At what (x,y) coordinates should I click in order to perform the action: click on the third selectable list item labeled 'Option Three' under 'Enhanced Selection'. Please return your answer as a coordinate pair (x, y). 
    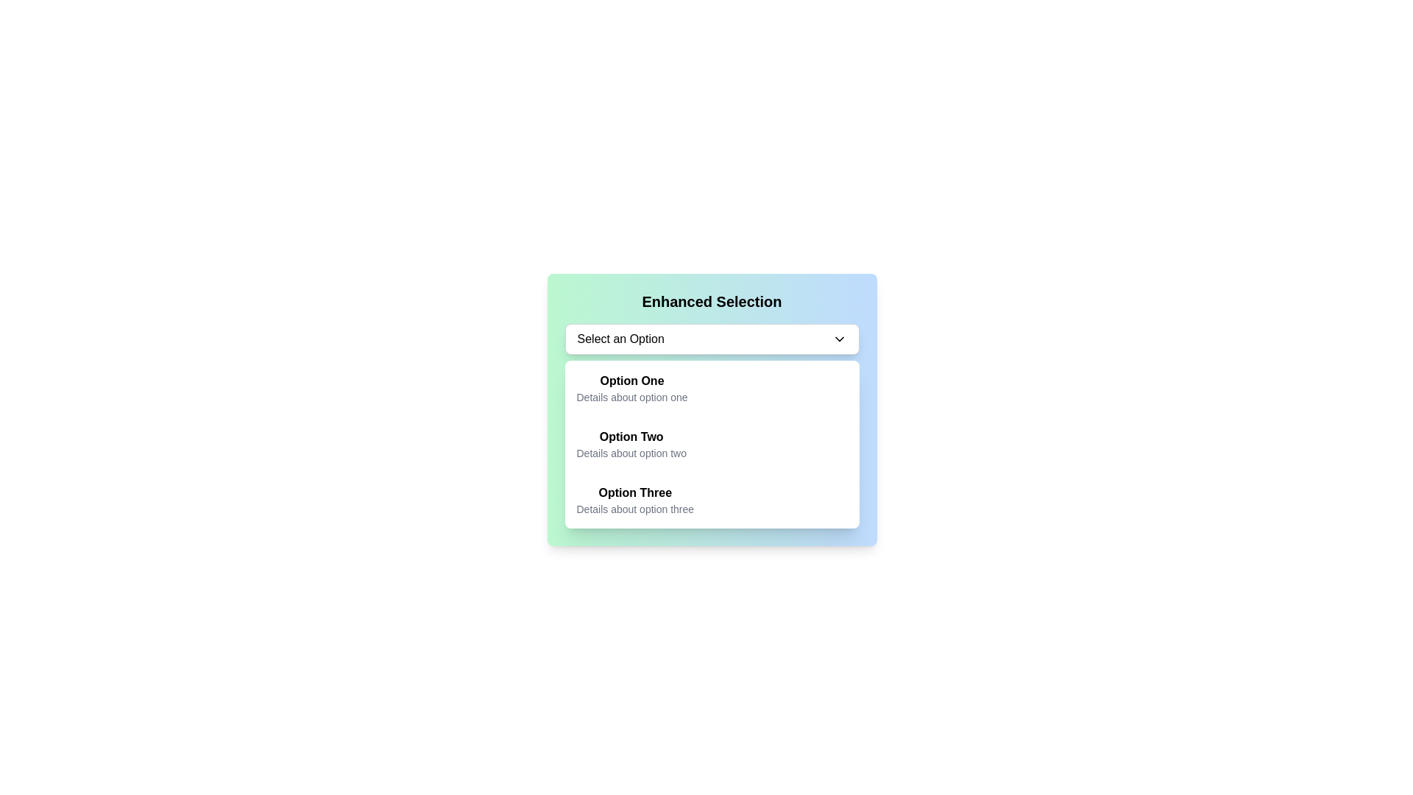
    Looking at the image, I should click on (712, 499).